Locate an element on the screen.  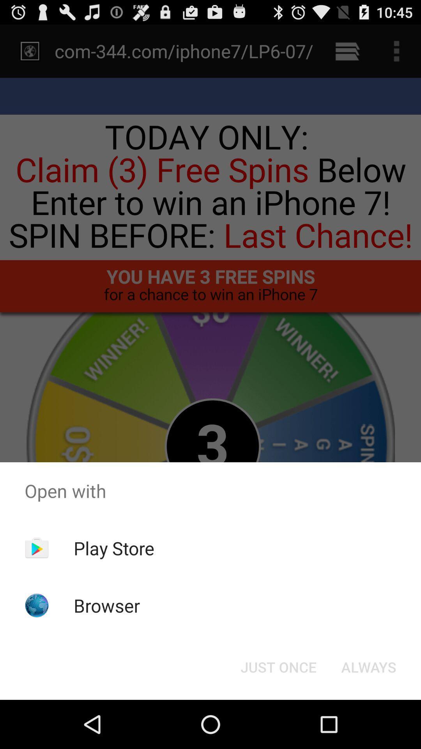
the browser app is located at coordinates (107, 605).